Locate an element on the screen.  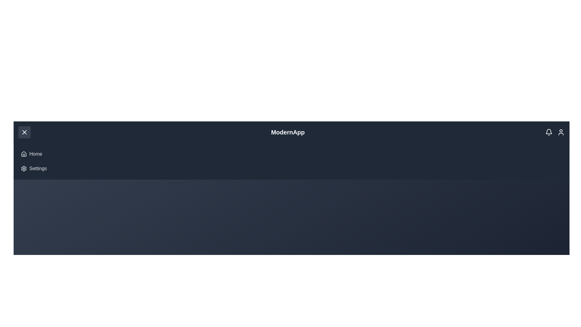
the menu button to toggle the menu open/close state is located at coordinates (24, 132).